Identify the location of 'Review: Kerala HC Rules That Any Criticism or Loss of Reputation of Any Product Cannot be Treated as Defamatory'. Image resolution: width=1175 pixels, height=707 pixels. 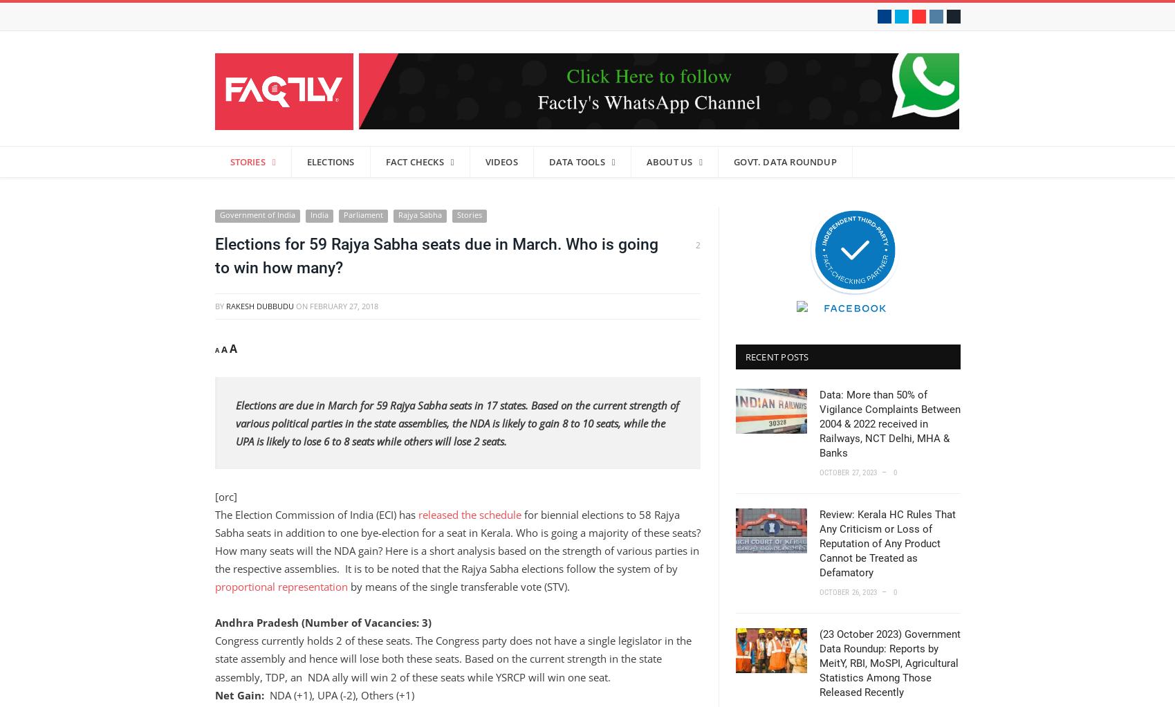
(886, 544).